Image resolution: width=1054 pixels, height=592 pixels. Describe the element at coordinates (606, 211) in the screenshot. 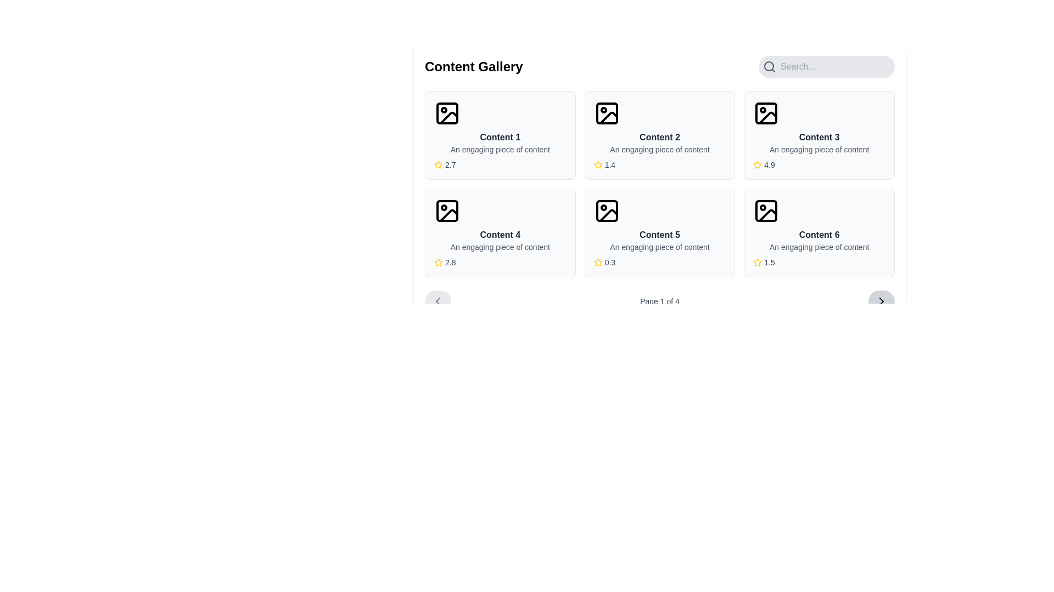

I see `the minimalist line art image placeholder icon located at the top-left corner of the 'Content 5' card in the second row, third column` at that location.